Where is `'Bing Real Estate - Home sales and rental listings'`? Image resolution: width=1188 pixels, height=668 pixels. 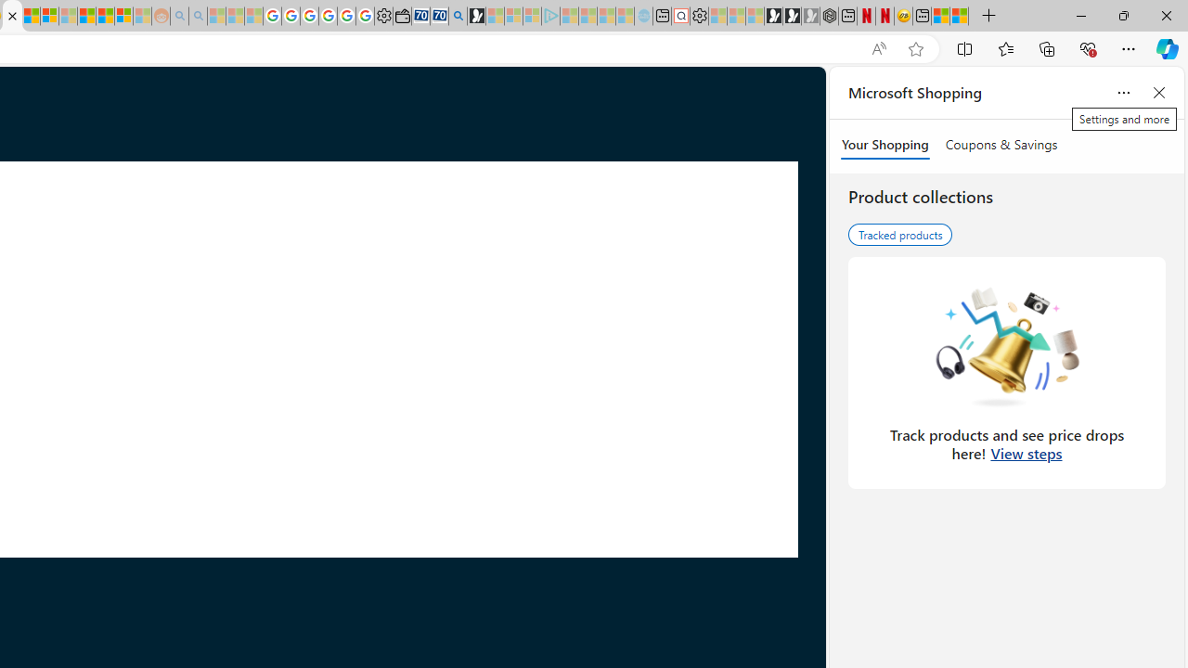 'Bing Real Estate - Home sales and rental listings' is located at coordinates (458, 16).